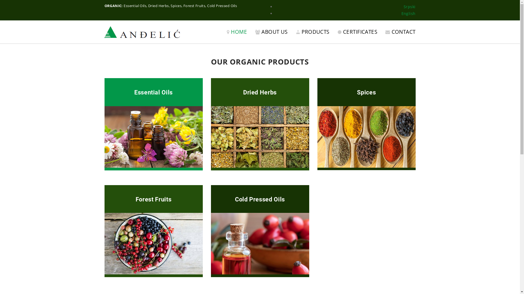 Image resolution: width=524 pixels, height=294 pixels. I want to click on 'Srpski', so click(410, 7).